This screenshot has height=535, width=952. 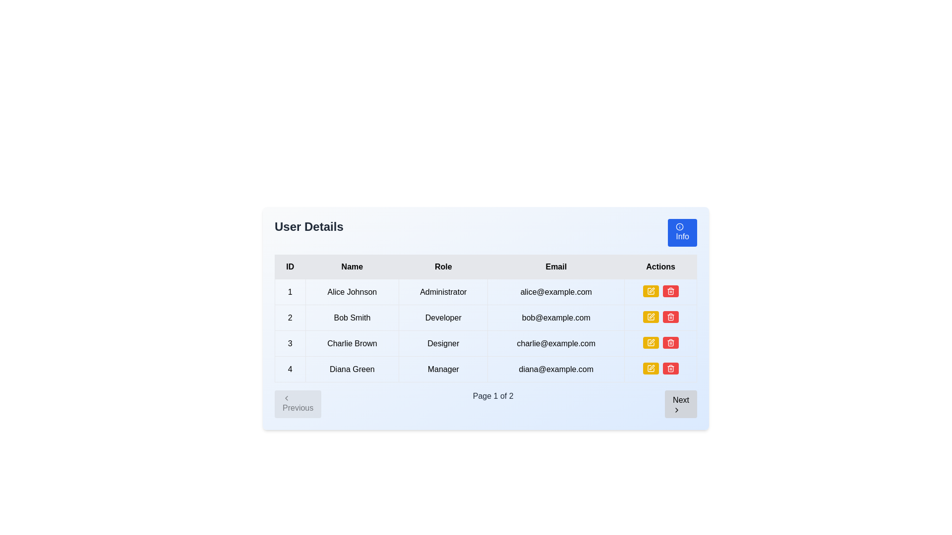 I want to click on the static text label displaying the role 'Administrator' in the third column of the first row under the header 'Role', so click(x=443, y=291).